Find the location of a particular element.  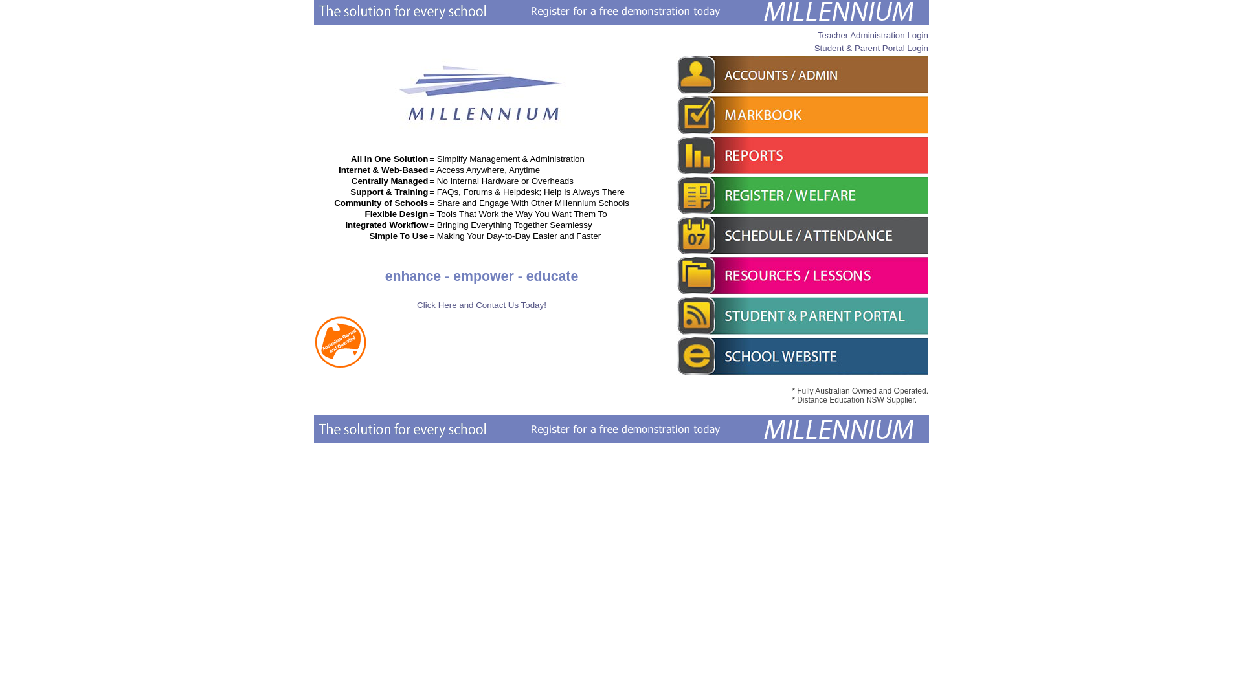

'Schedule / Attendance' is located at coordinates (801, 235).